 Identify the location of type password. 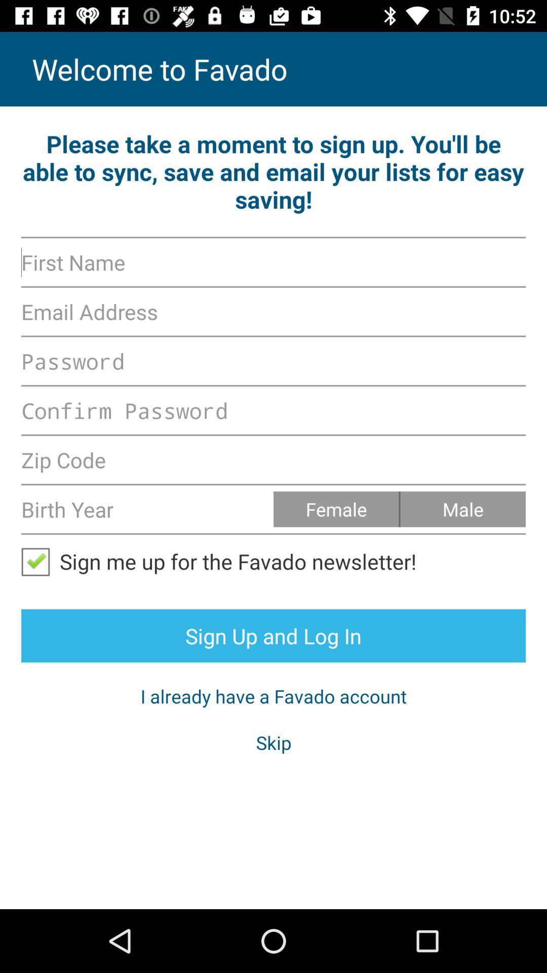
(273, 410).